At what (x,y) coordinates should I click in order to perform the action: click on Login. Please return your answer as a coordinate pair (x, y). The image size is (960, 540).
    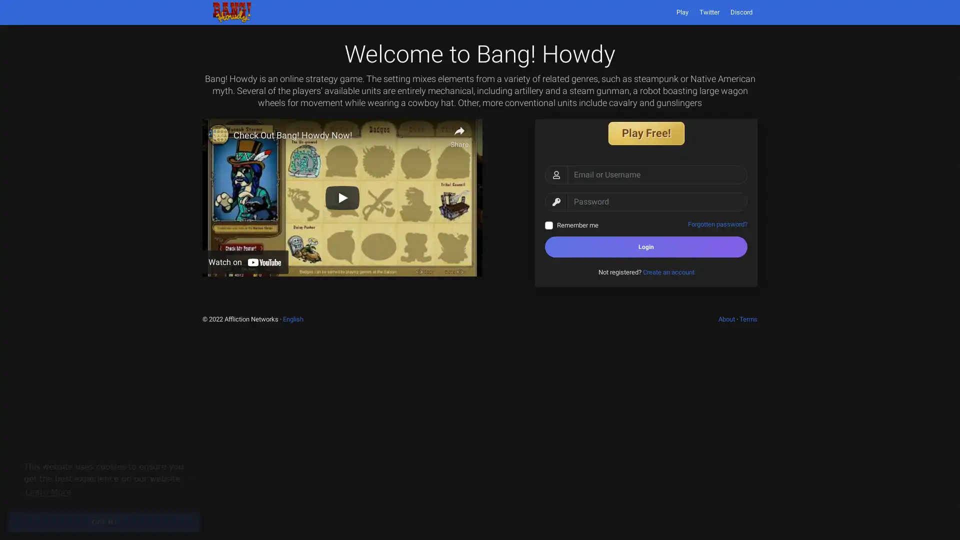
    Looking at the image, I should click on (646, 246).